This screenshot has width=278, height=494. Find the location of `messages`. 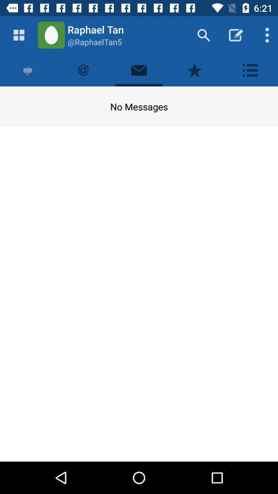

messages is located at coordinates (139, 69).